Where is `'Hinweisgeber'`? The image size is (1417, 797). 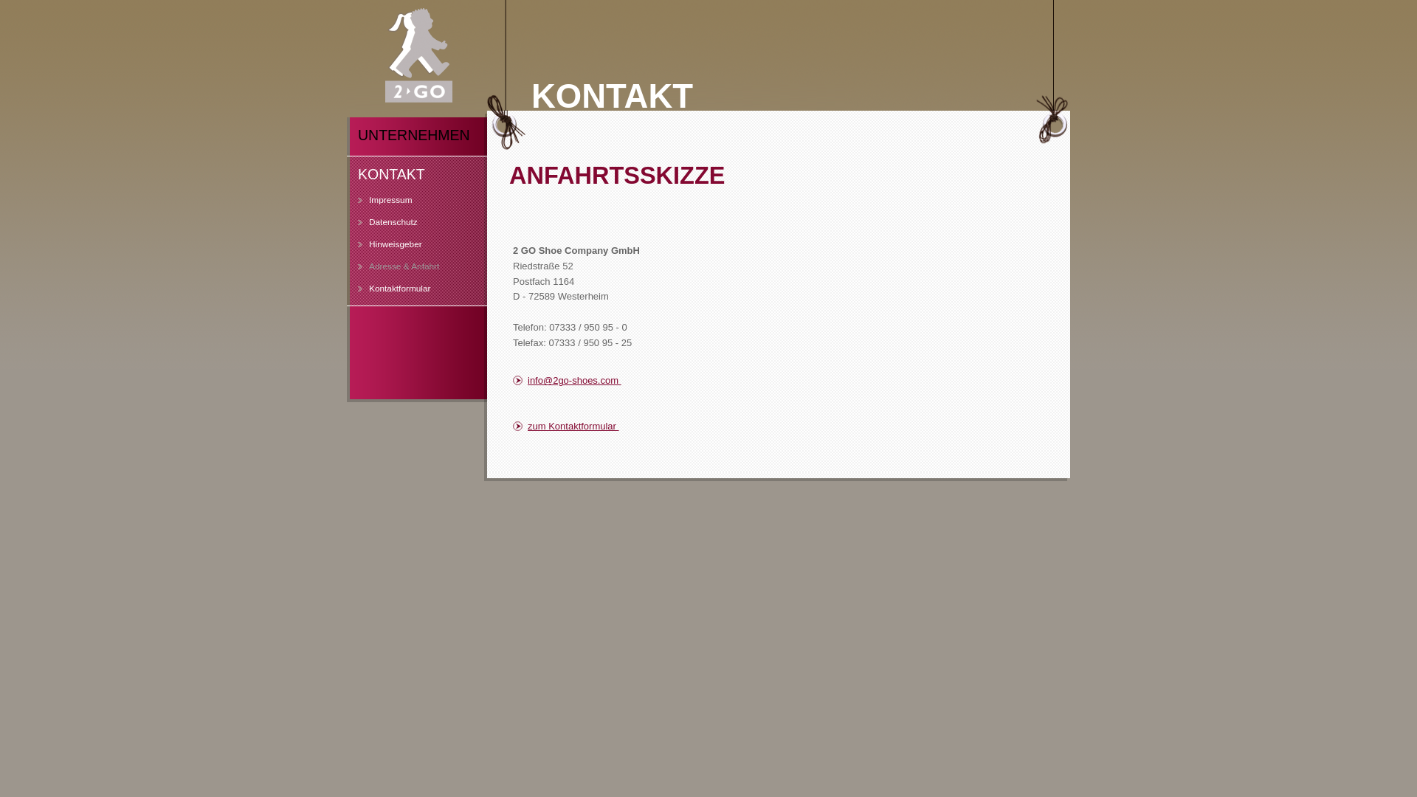 'Hinweisgeber' is located at coordinates (406, 249).